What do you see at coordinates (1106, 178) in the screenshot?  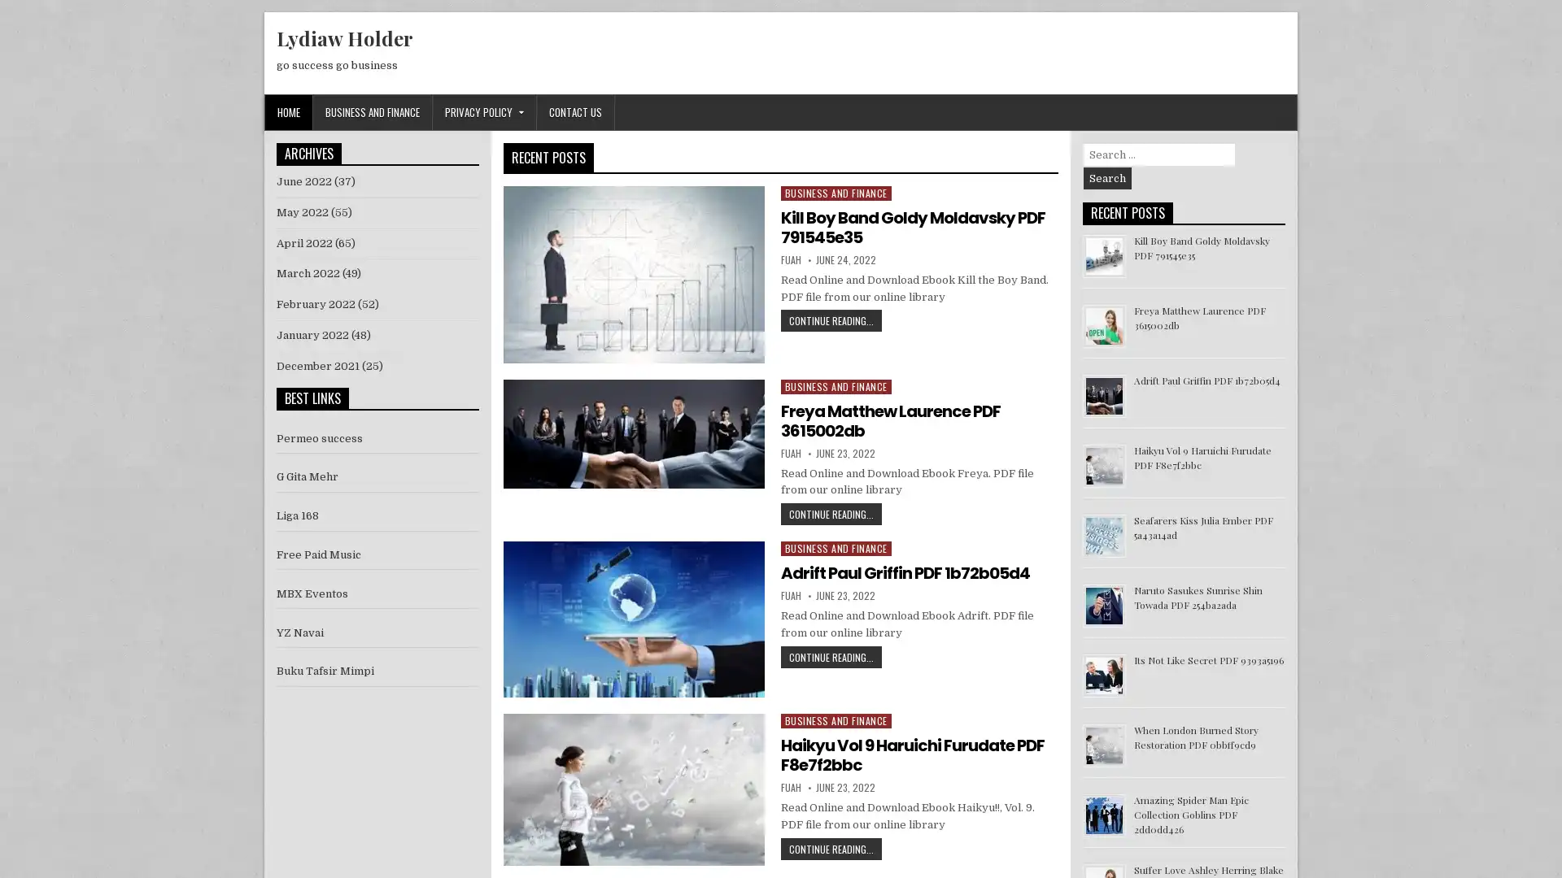 I see `Search` at bounding box center [1106, 178].